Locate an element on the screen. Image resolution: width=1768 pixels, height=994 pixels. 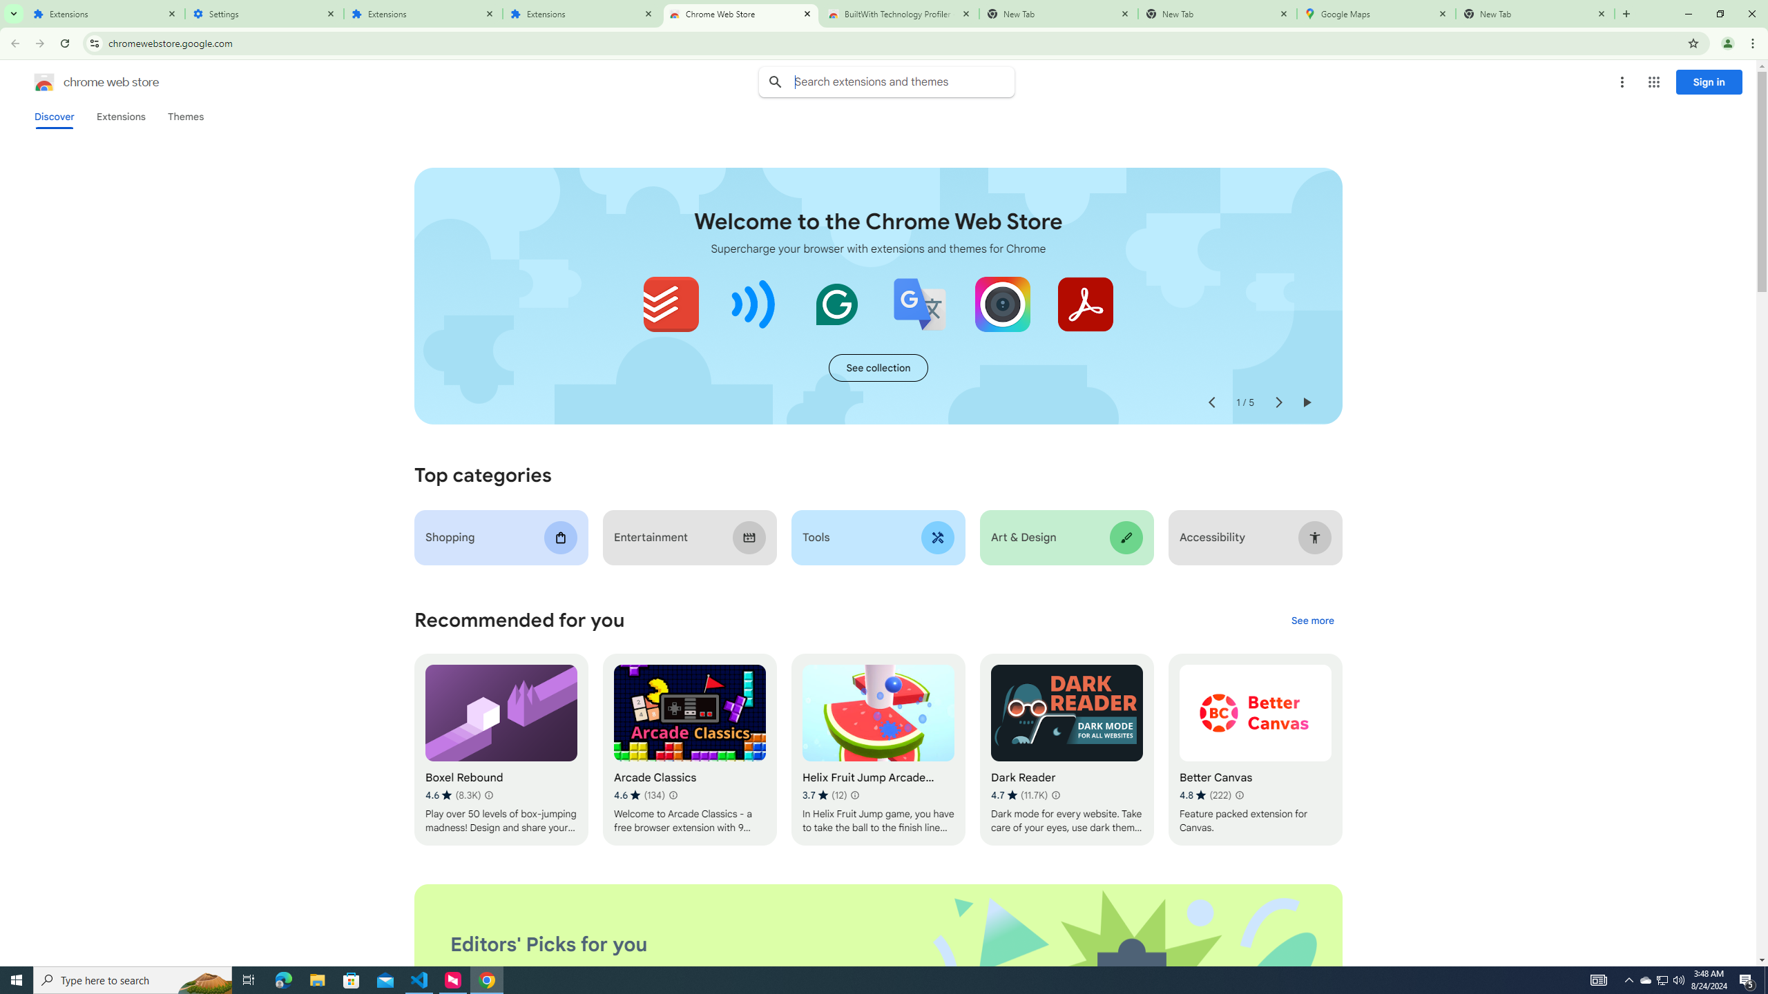
'Discover' is located at coordinates (53, 116).